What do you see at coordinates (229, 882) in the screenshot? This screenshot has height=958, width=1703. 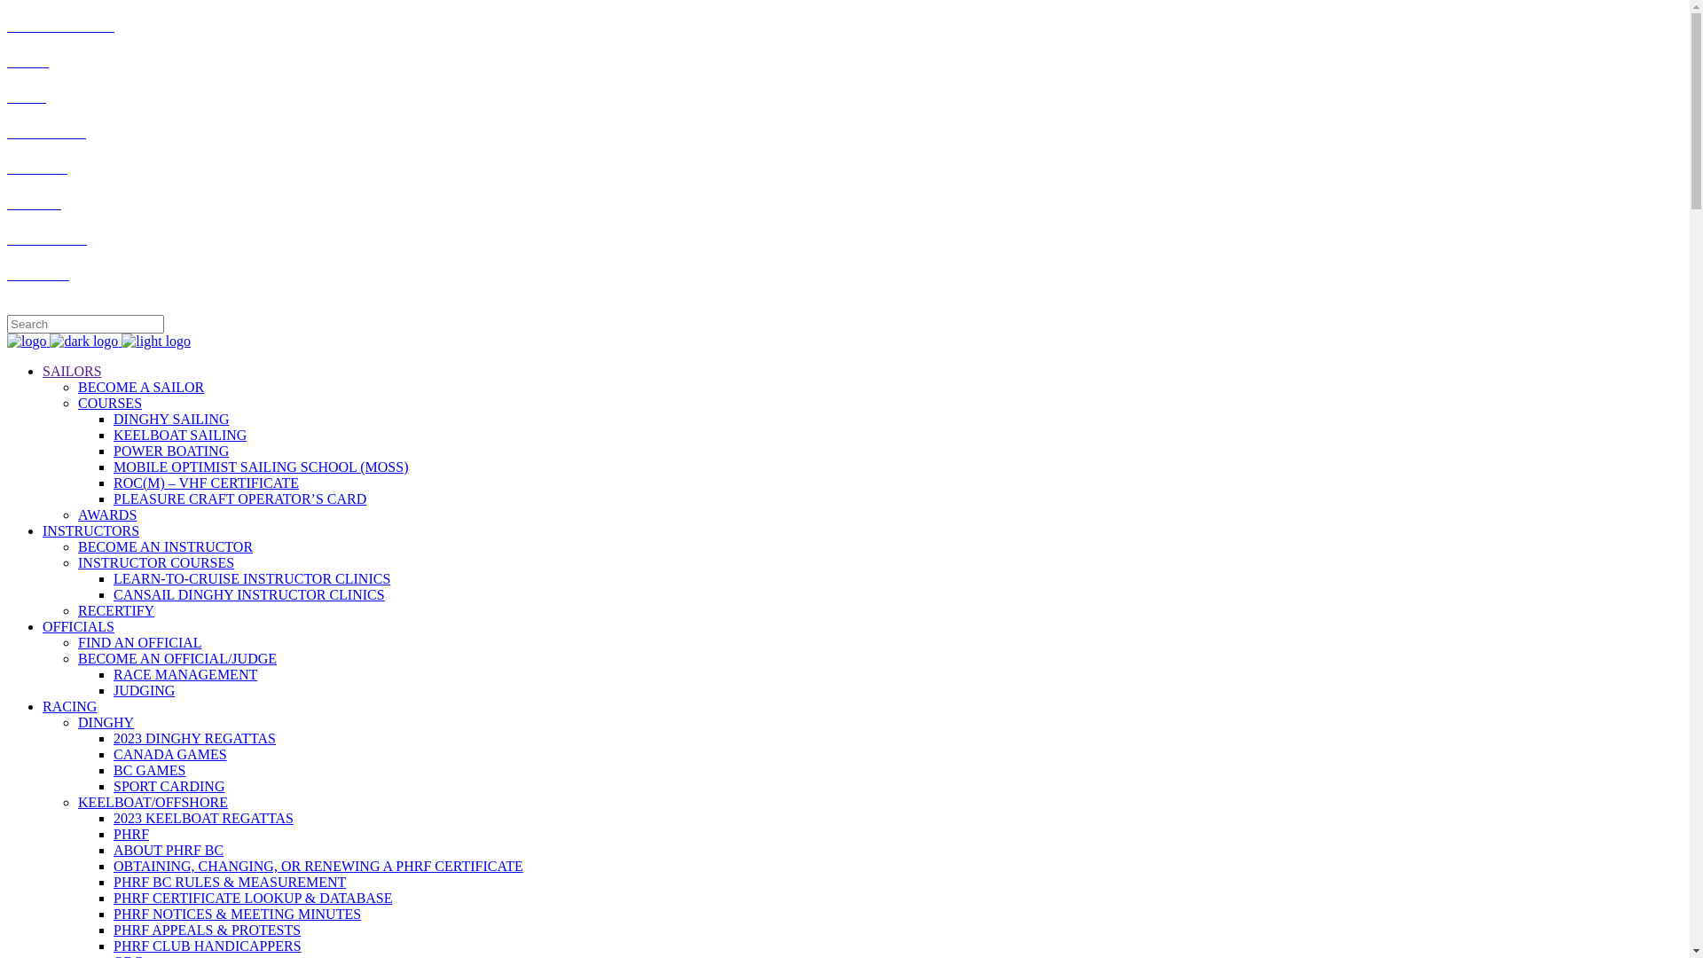 I see `'PHRF BC RULES & MEASUREMENT'` at bounding box center [229, 882].